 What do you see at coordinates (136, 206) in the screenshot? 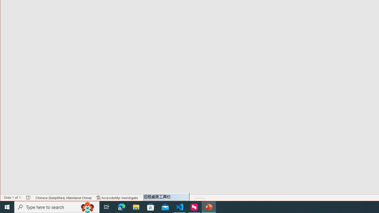
I see `'File Explorer'` at bounding box center [136, 206].